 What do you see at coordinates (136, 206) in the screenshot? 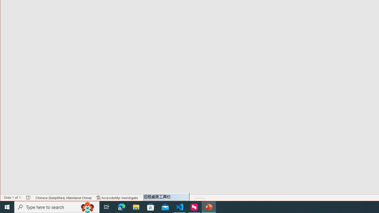
I see `'File Explorer'` at bounding box center [136, 206].